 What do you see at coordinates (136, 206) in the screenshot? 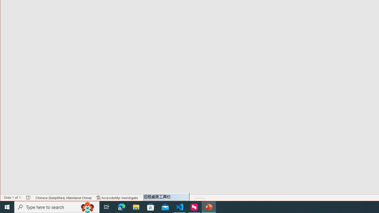
I see `'File Explorer'` at bounding box center [136, 206].